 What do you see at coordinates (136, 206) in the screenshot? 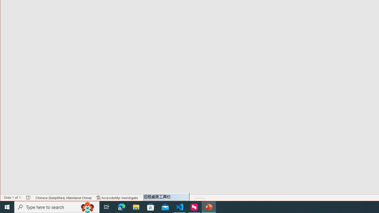
I see `'File Explorer'` at bounding box center [136, 206].